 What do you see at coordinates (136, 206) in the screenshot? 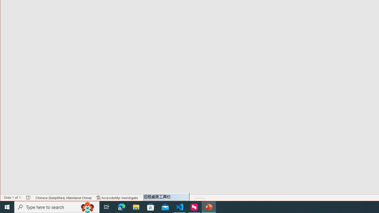
I see `'File Explorer'` at bounding box center [136, 206].